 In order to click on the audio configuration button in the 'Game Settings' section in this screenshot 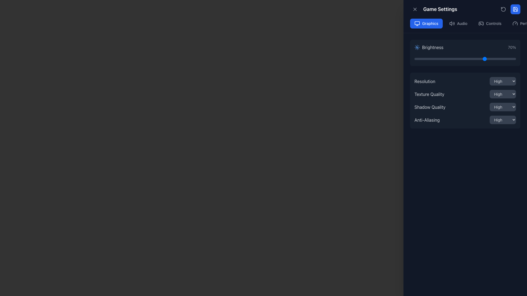, I will do `click(465, 23)`.